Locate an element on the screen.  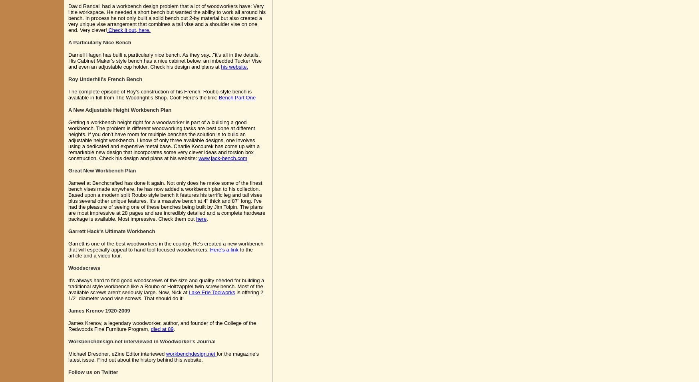
'Darnell Hagen has built a particularly nice bench. As they say..."it's all in the details. His Cabinet Maker's style bench has a nice cabinet below, an imbedded Tucker Vise and even an adjustable cup holder.  Check his design and plans at' is located at coordinates (165, 61).